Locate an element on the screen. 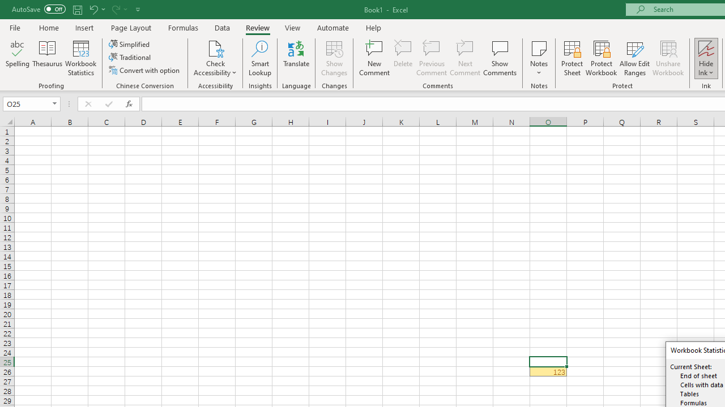 This screenshot has width=725, height=407. 'Delete' is located at coordinates (403, 58).